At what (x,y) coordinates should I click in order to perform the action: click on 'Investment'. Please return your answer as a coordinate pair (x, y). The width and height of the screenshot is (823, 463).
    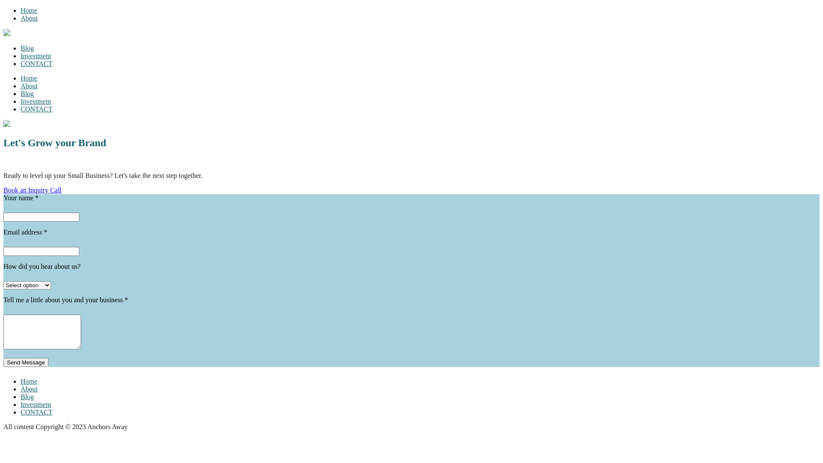
    Looking at the image, I should click on (35, 404).